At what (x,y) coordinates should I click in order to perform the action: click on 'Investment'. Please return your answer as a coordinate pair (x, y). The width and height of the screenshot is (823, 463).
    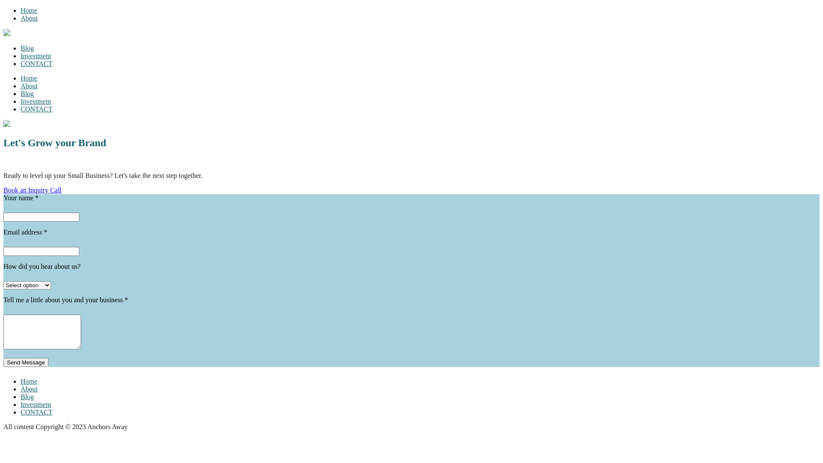
    Looking at the image, I should click on (35, 404).